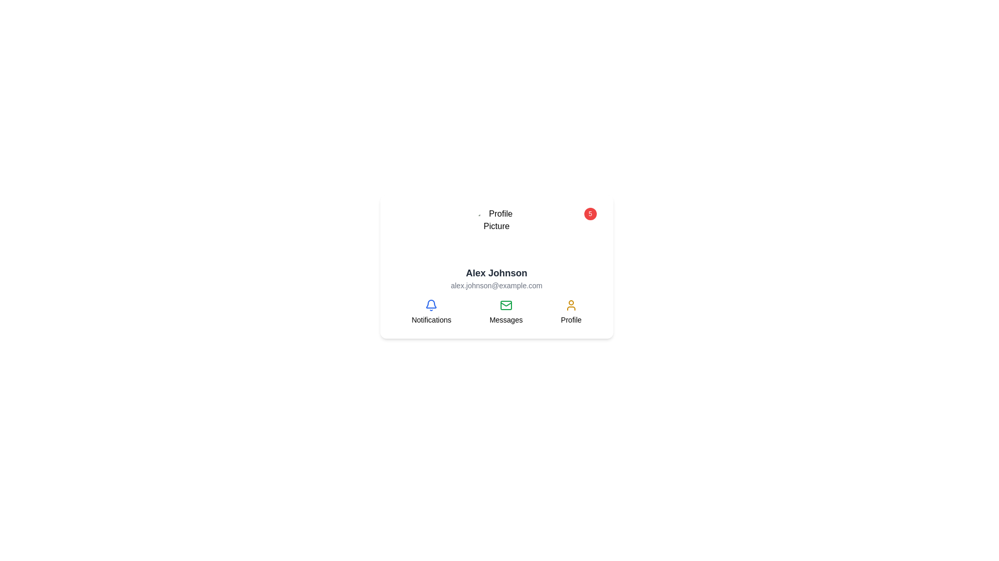 This screenshot has width=999, height=561. I want to click on the 'Messages' icon located in the bottom row of icons, so click(506, 304).